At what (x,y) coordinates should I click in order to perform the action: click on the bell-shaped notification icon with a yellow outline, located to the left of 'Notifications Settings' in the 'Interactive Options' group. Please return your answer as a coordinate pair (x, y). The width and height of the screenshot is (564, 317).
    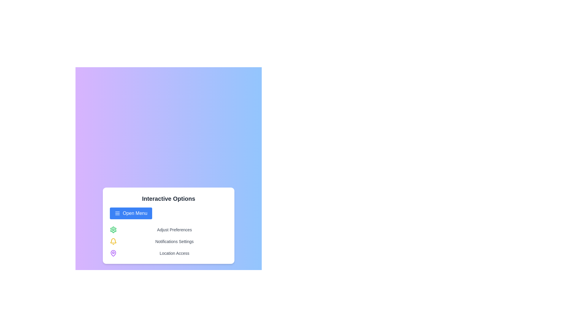
    Looking at the image, I should click on (113, 241).